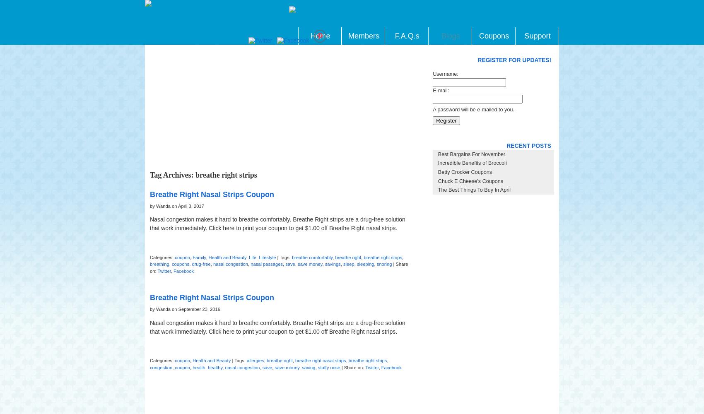 This screenshot has height=414, width=704. Describe the element at coordinates (160, 367) in the screenshot. I see `'congestion'` at that location.